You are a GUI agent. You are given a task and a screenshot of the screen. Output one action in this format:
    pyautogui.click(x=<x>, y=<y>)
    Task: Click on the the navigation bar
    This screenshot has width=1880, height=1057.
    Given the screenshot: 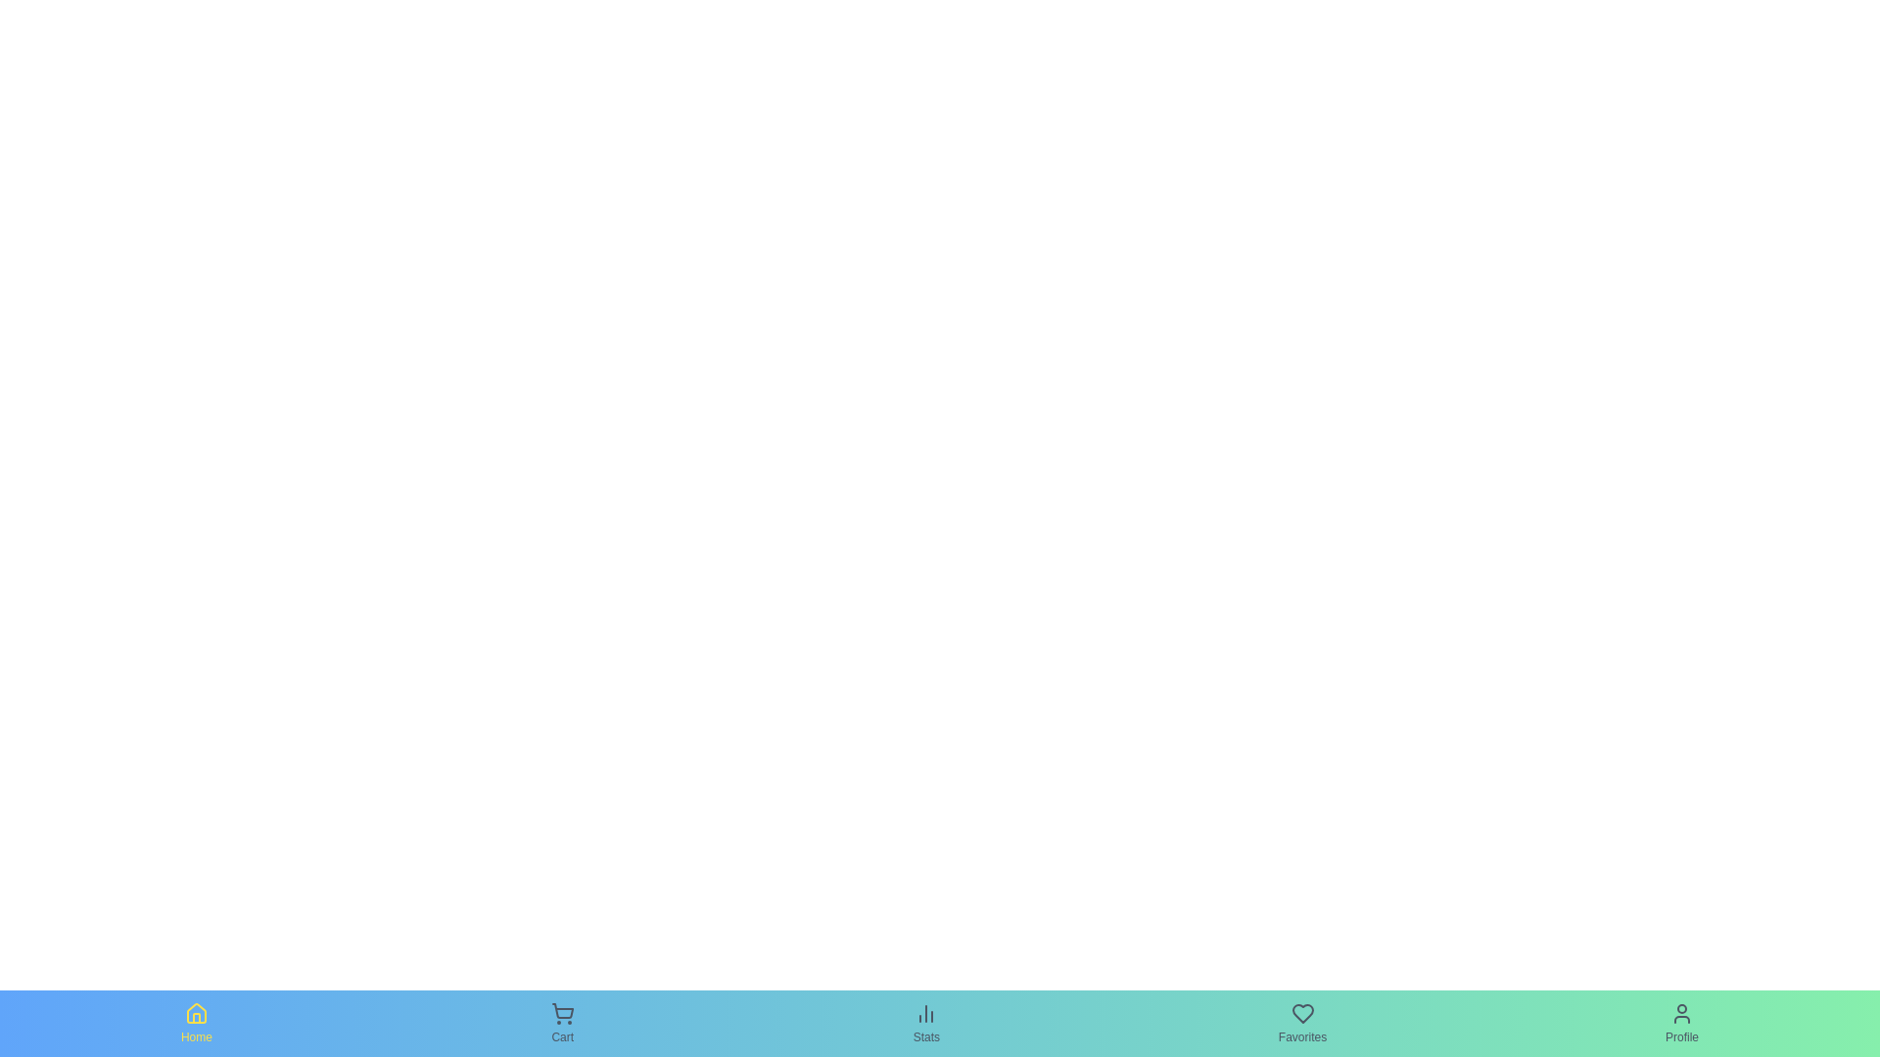 What is the action you would take?
    pyautogui.click(x=0, y=989)
    